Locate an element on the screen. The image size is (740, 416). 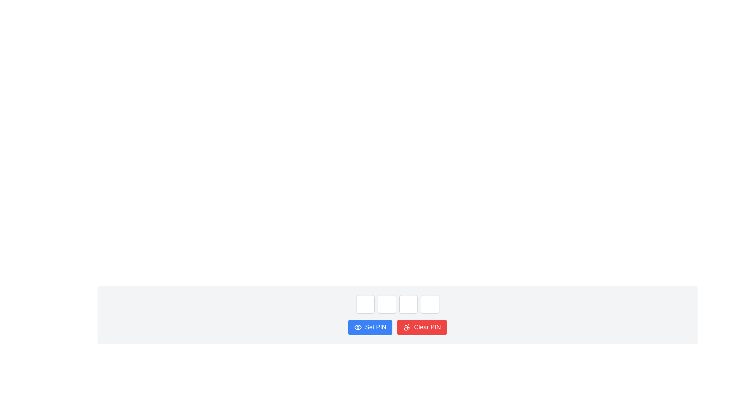
the visibility icon within the blue 'Set PIN' button, which allows previewing or toggling the visibility of the entered PIN is located at coordinates (358, 327).